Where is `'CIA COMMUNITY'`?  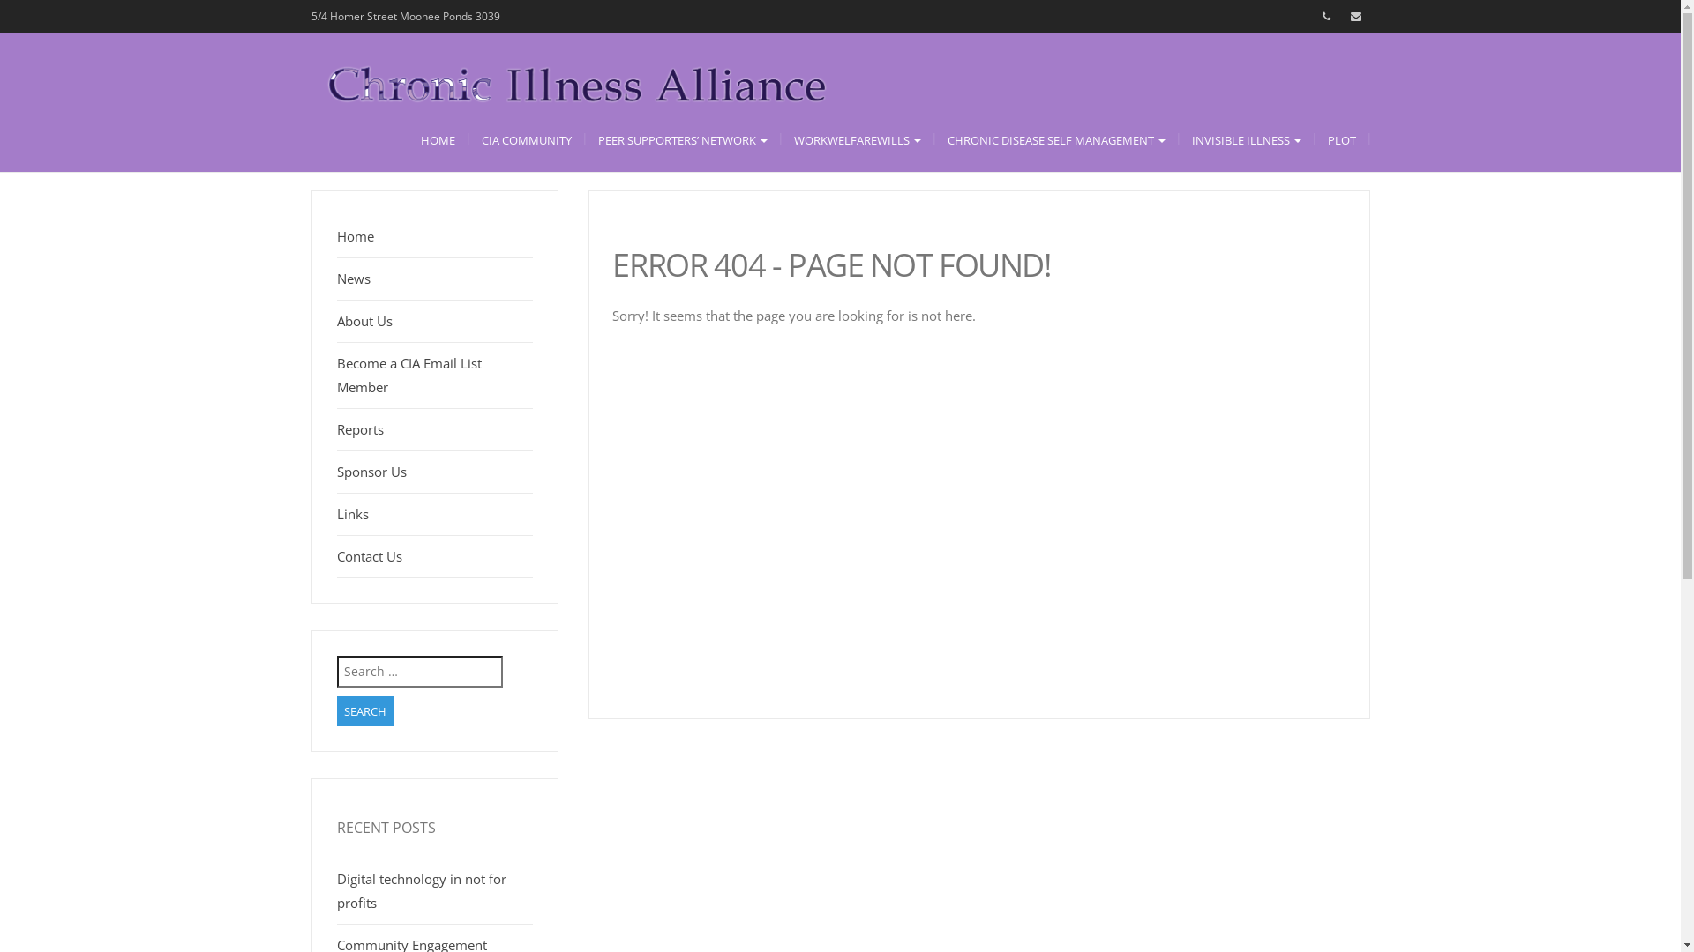
'CIA COMMUNITY' is located at coordinates (524, 138).